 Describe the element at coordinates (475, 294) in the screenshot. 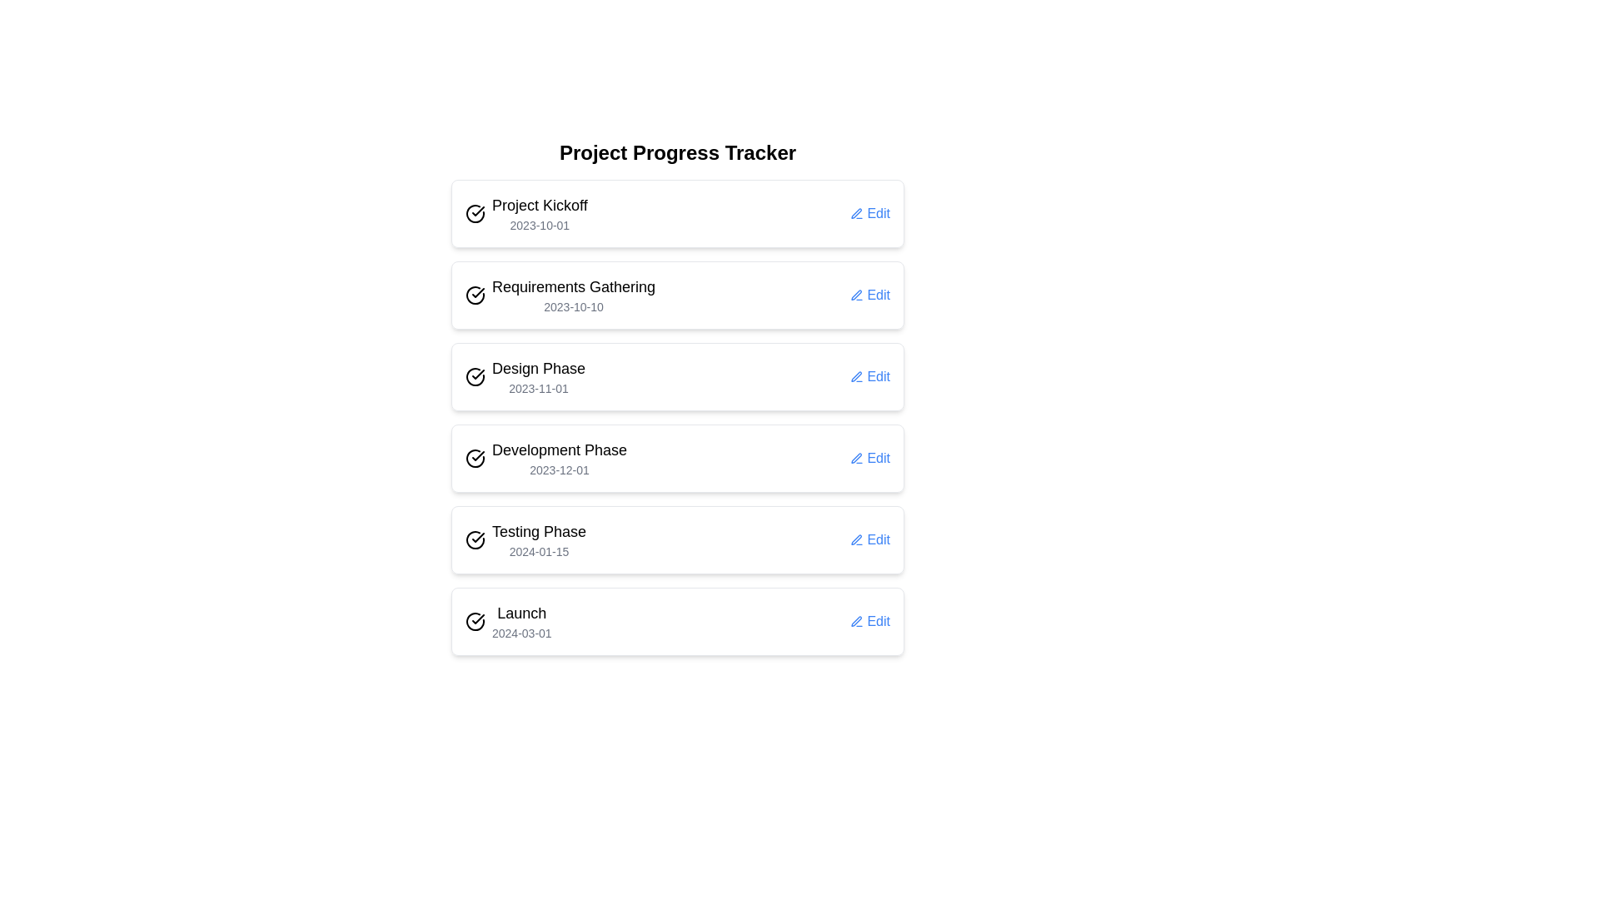

I see `the visual indicator icon representing the completion status, located to the left of the text 'Requirements Gathering' in the 'Project Progress Tracker' list` at that location.